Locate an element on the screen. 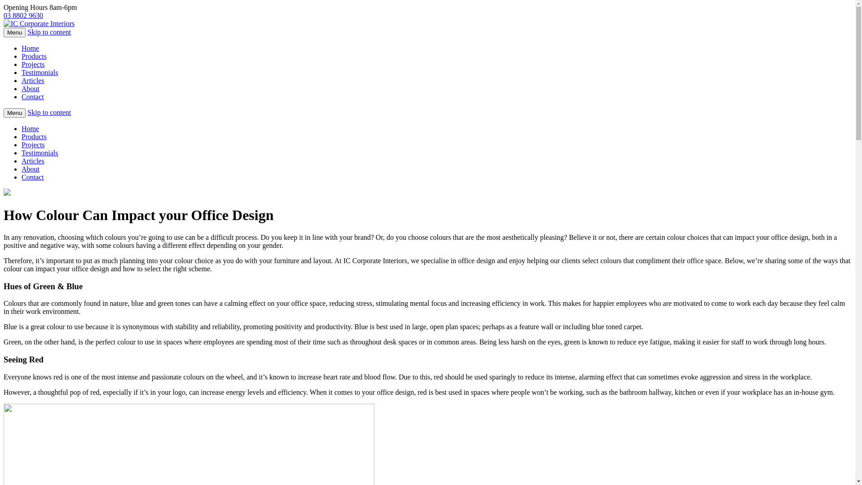  'About' is located at coordinates (30, 88).